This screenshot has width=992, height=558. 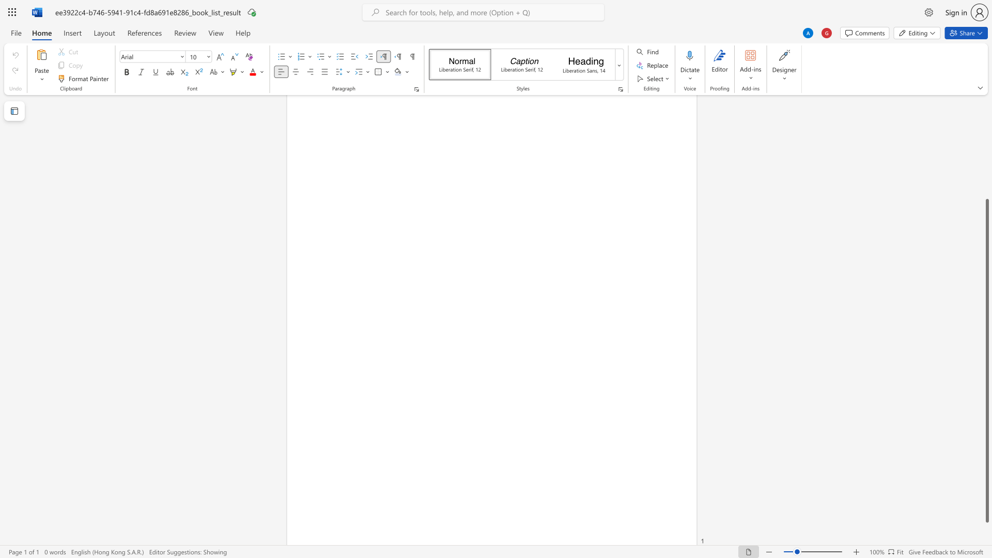 I want to click on the page's right scrollbar for upward movement, so click(x=986, y=133).